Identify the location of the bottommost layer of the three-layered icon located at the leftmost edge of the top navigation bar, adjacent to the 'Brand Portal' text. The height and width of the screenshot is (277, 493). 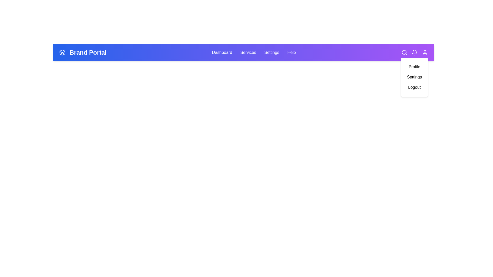
(62, 54).